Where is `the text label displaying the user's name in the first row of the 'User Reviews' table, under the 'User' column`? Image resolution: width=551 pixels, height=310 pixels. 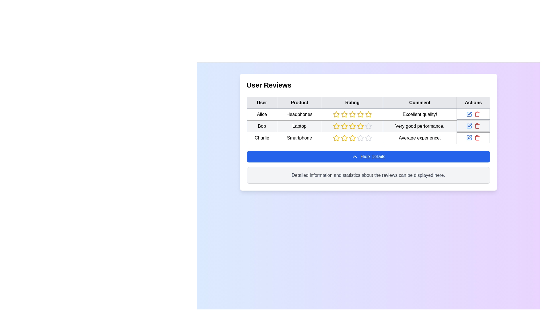 the text label displaying the user's name in the first row of the 'User Reviews' table, under the 'User' column is located at coordinates (261, 114).